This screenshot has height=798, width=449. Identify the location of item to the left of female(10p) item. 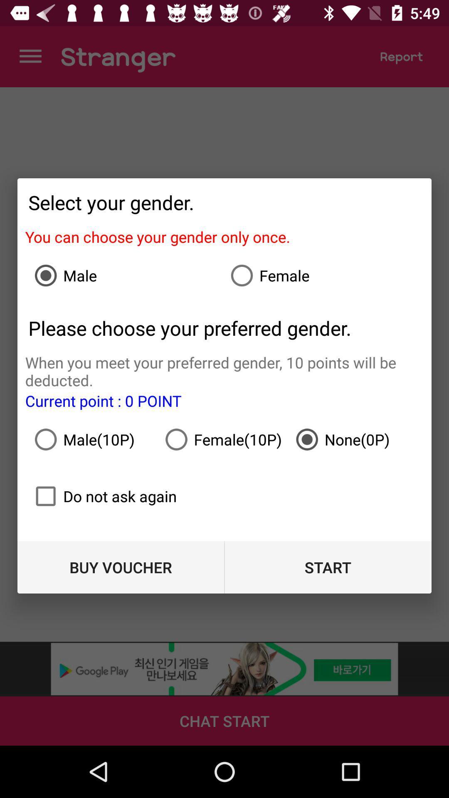
(94, 439).